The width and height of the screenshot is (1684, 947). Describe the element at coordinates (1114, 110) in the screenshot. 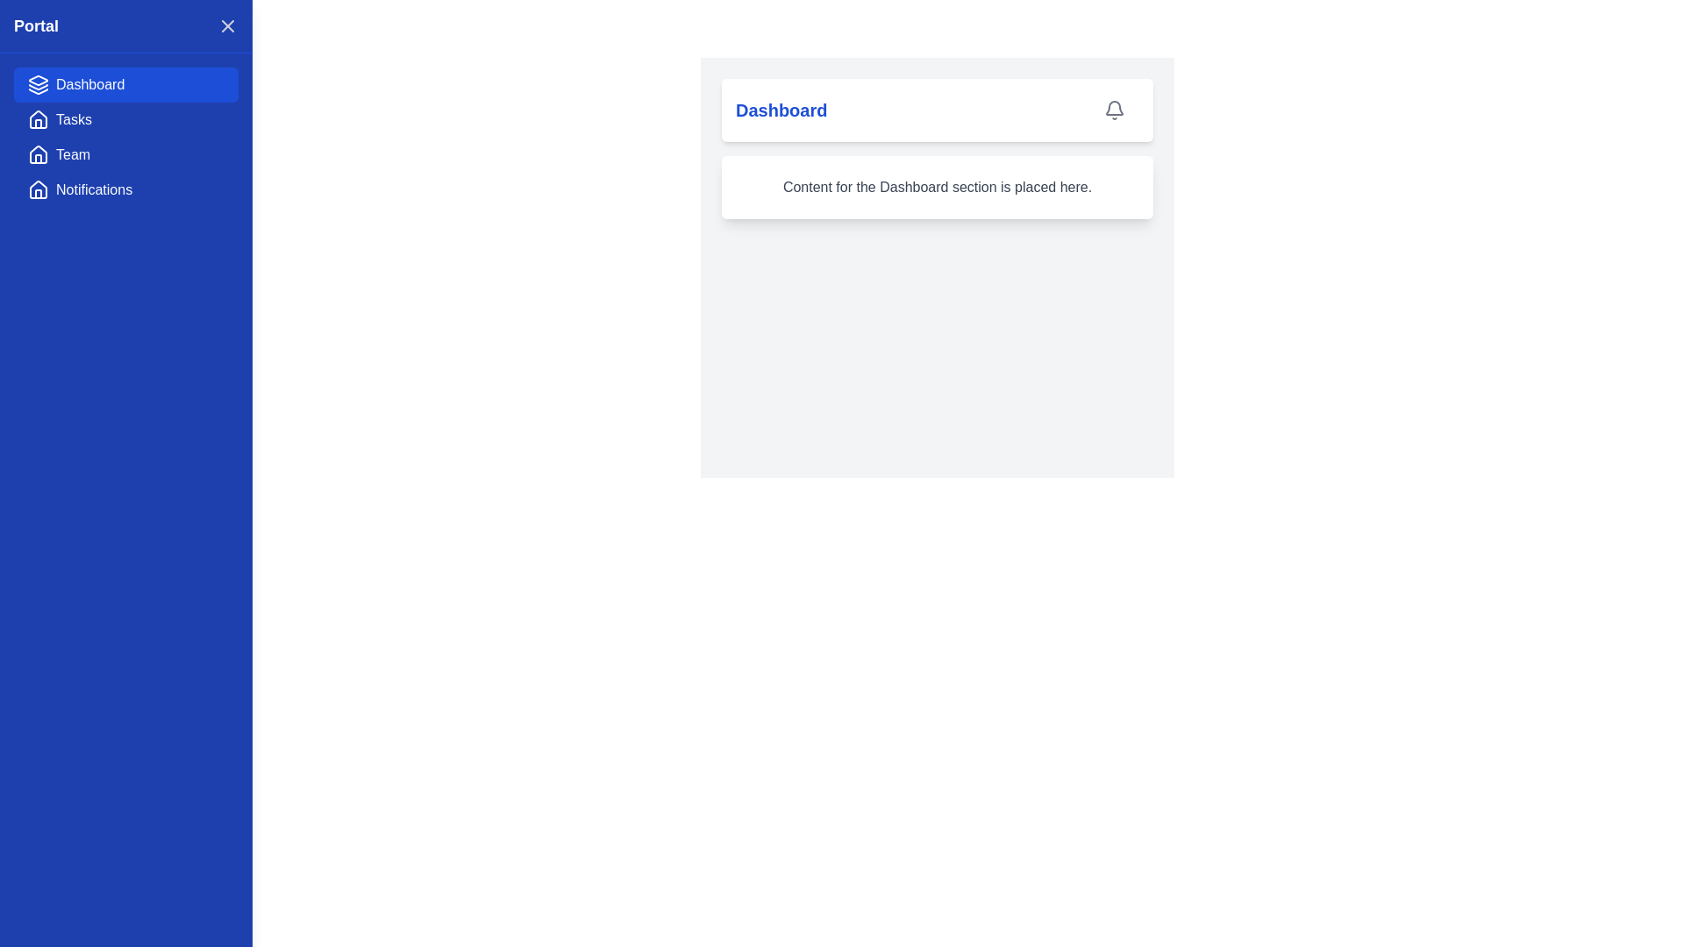

I see `the bell icon located on the right side of the header section titled 'Dashboard', adjacent to the title text` at that location.